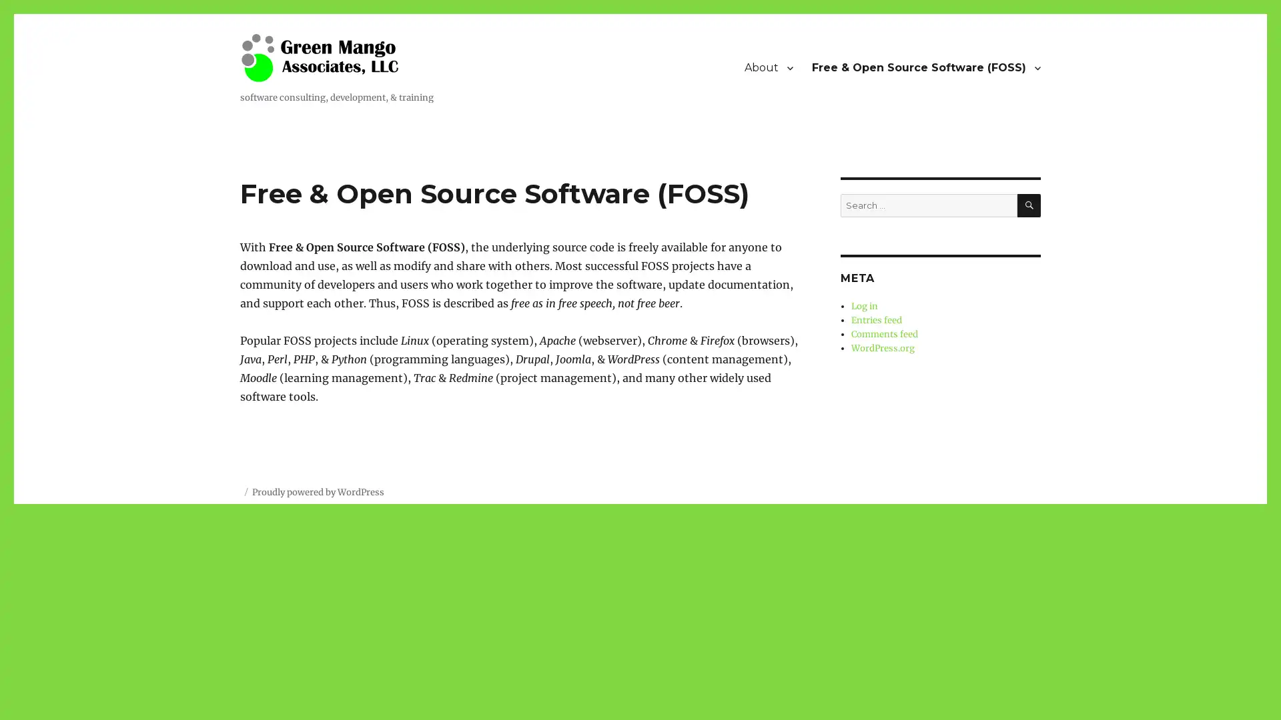  I want to click on SEARCH, so click(1028, 205).